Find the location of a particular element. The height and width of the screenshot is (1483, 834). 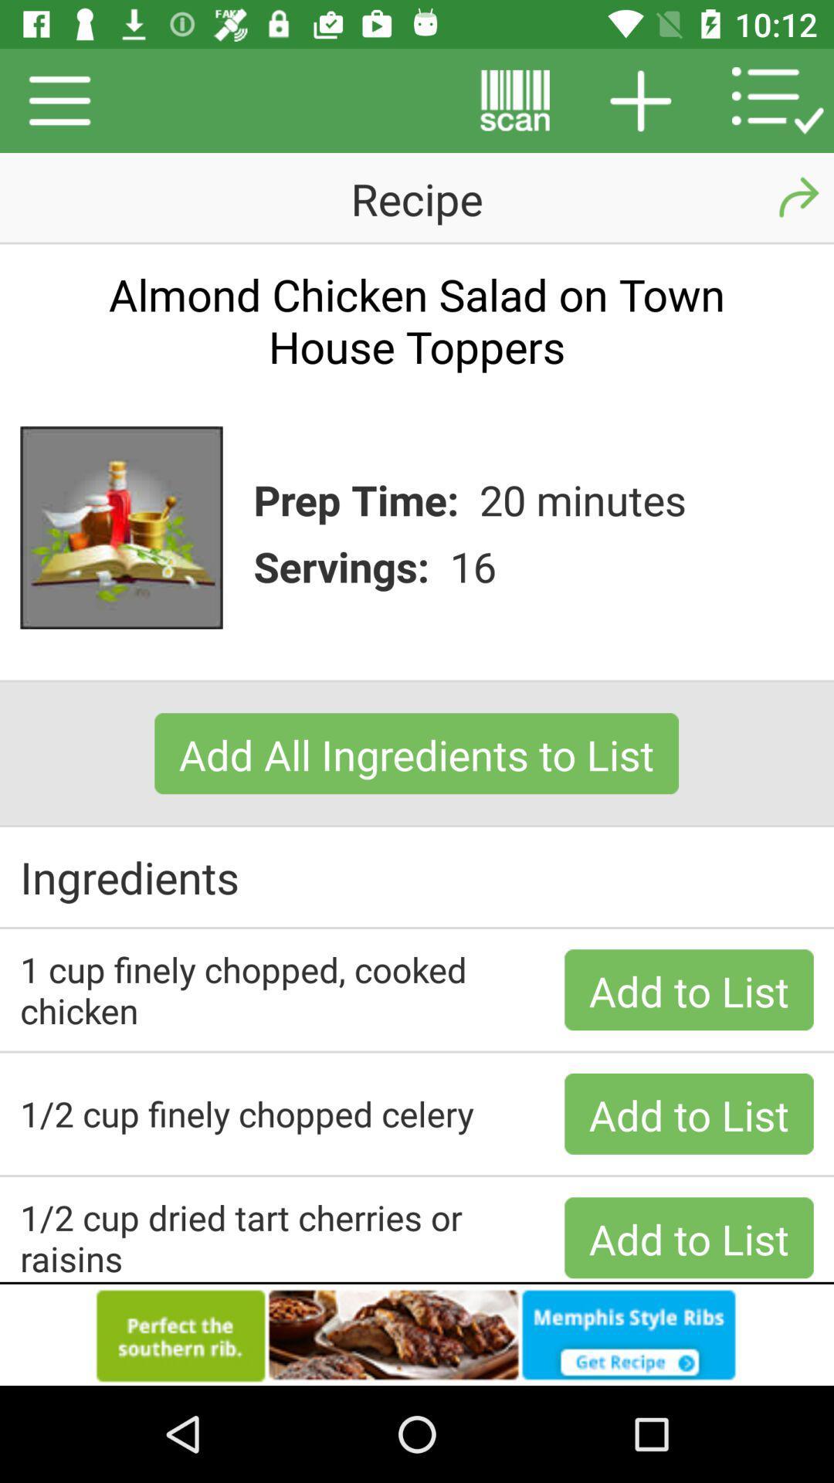

the button beside scan is located at coordinates (640, 100).